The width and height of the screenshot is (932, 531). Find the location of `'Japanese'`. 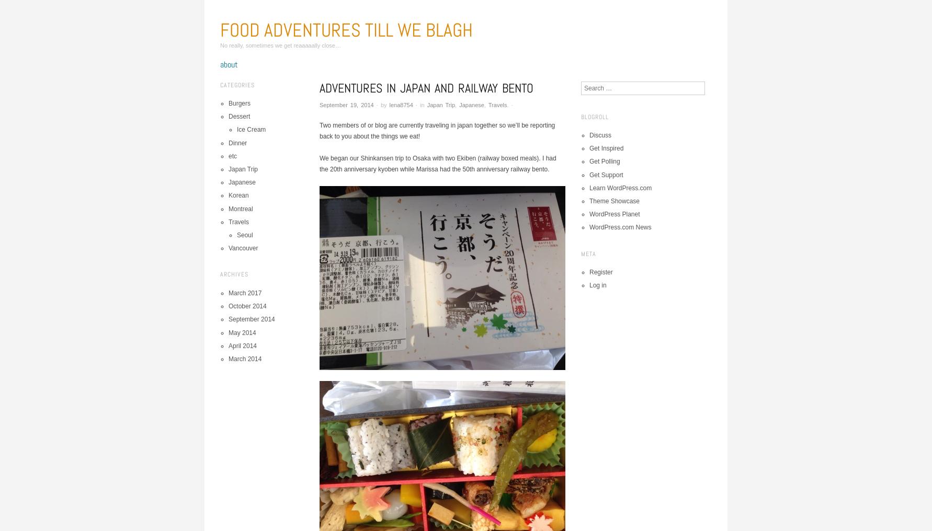

'Japanese' is located at coordinates (458, 105).